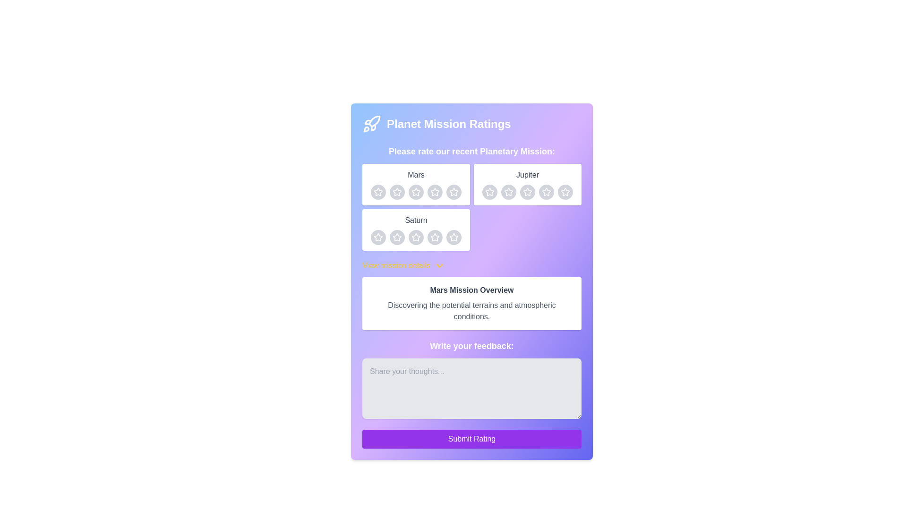 This screenshot has width=907, height=510. I want to click on the third star icon in the Jupiter rating section, so click(527, 191).